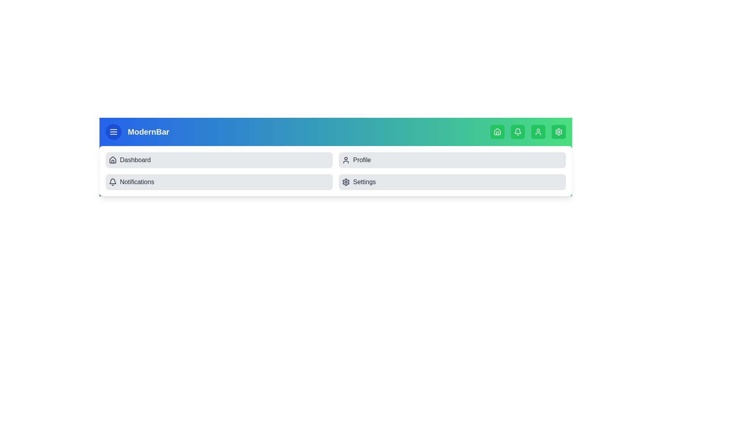 The height and width of the screenshot is (424, 755). Describe the element at coordinates (219, 160) in the screenshot. I see `the menu item labeled Dashboard from the collapsible menu` at that location.